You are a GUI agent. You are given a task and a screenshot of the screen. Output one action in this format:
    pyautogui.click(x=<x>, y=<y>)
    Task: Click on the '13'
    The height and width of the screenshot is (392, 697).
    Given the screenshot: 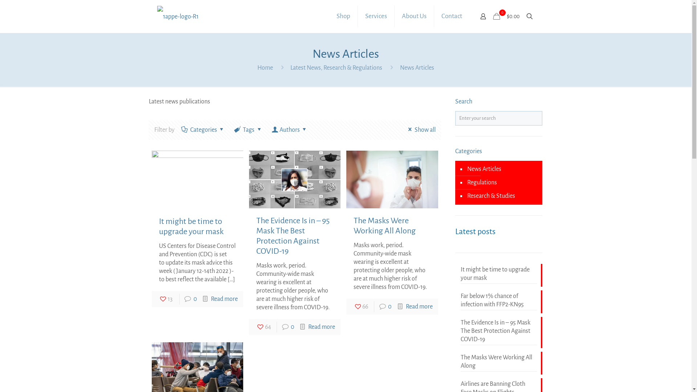 What is the action you would take?
    pyautogui.click(x=165, y=299)
    